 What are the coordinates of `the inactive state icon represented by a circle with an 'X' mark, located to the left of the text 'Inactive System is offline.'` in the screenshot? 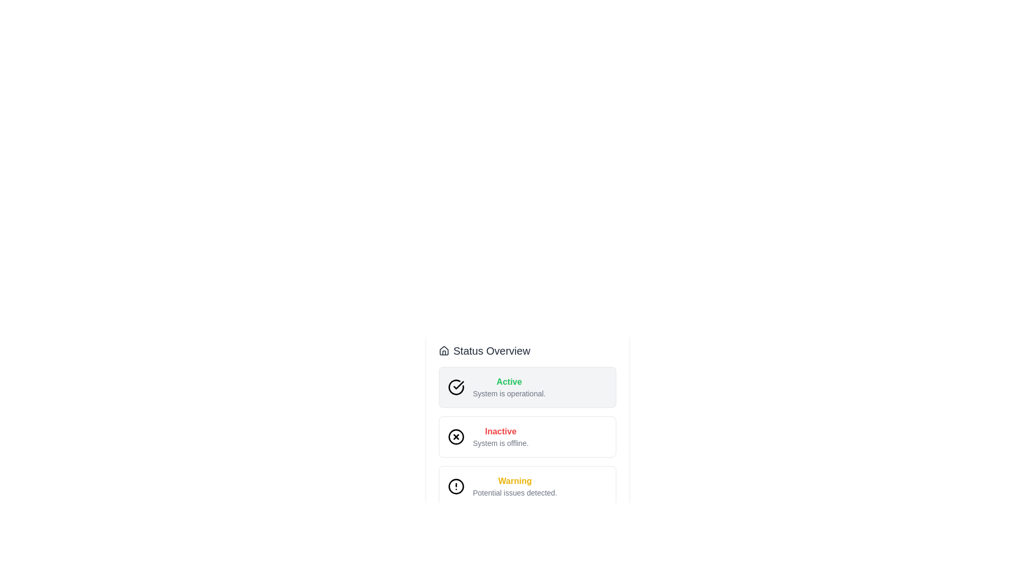 It's located at (456, 437).